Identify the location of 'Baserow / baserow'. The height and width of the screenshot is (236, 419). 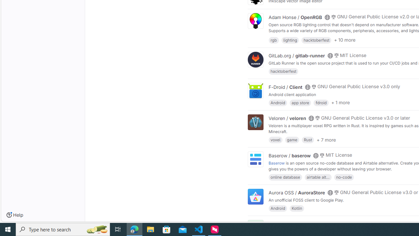
(289, 155).